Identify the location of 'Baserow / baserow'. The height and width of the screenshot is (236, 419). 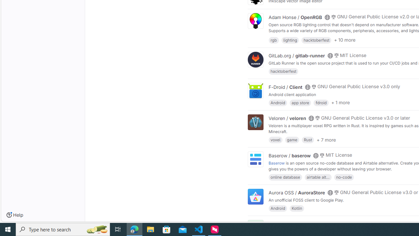
(289, 155).